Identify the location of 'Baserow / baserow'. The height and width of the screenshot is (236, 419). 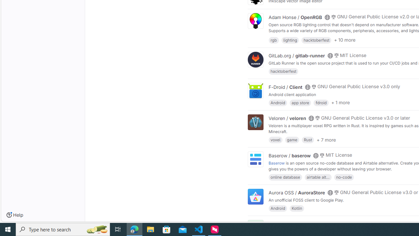
(289, 155).